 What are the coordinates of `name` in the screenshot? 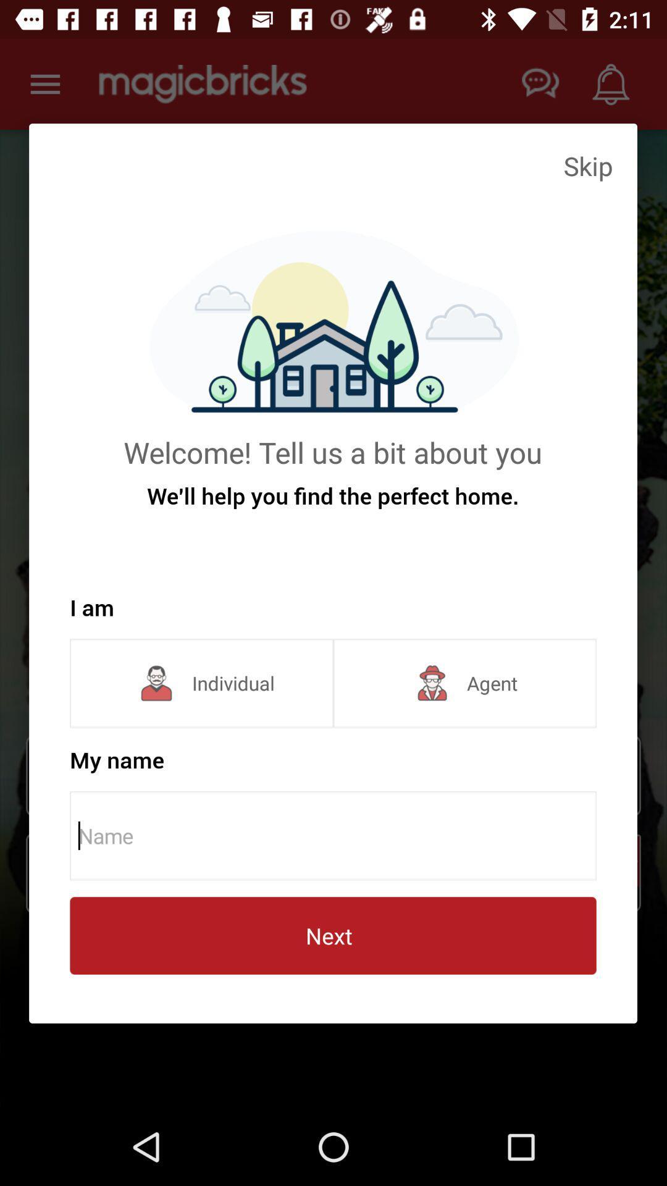 It's located at (337, 836).